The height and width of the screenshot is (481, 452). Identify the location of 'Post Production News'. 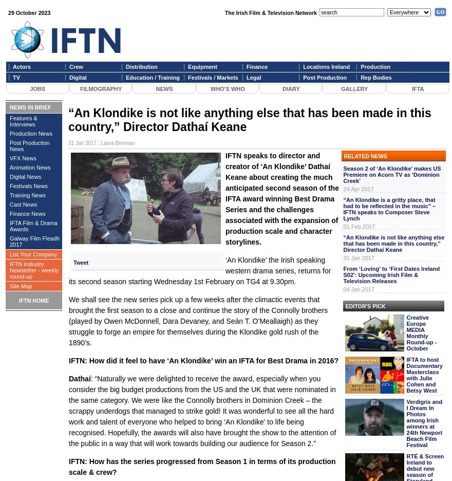
(29, 145).